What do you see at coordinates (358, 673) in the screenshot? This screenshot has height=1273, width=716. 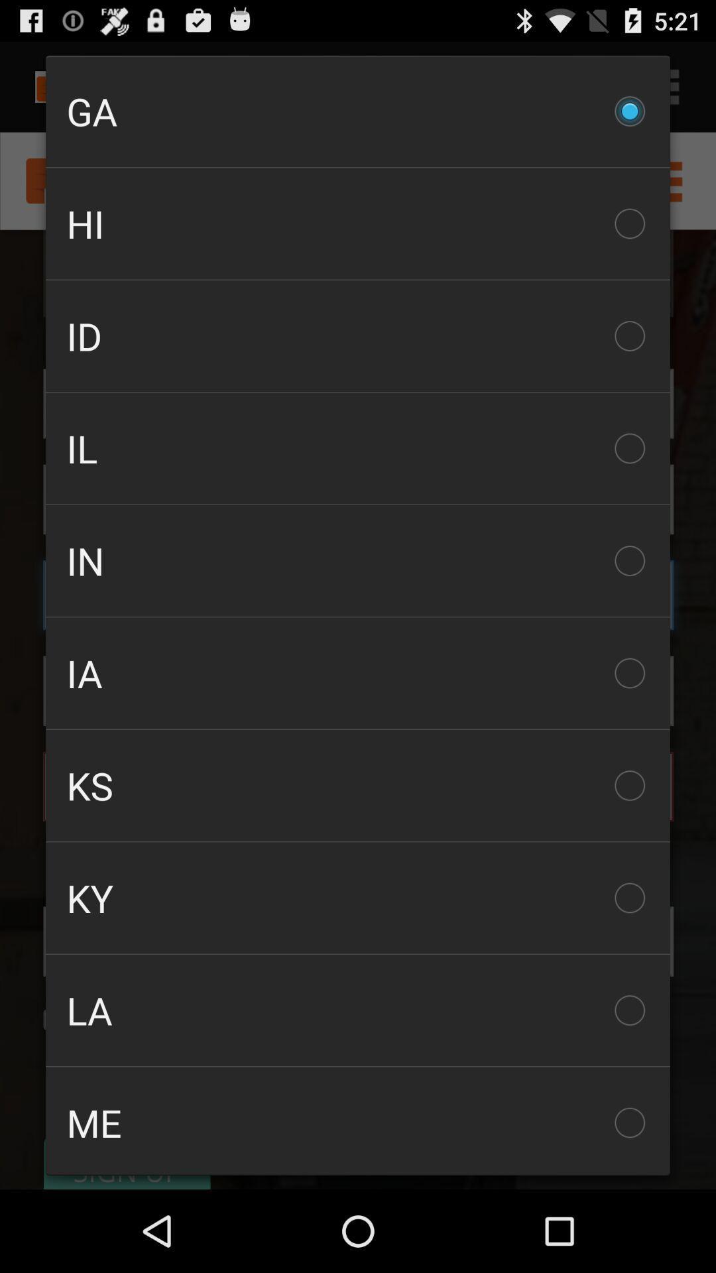 I see `ia item` at bounding box center [358, 673].